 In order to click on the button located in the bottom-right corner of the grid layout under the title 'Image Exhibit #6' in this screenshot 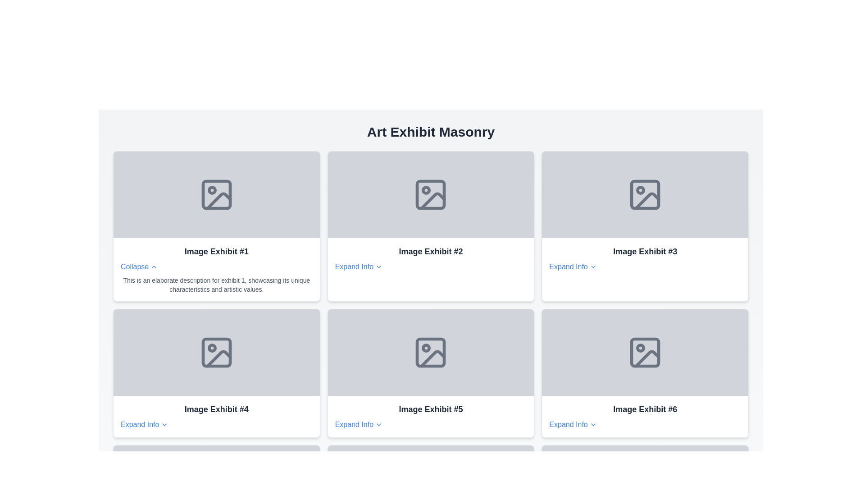, I will do `click(573, 424)`.